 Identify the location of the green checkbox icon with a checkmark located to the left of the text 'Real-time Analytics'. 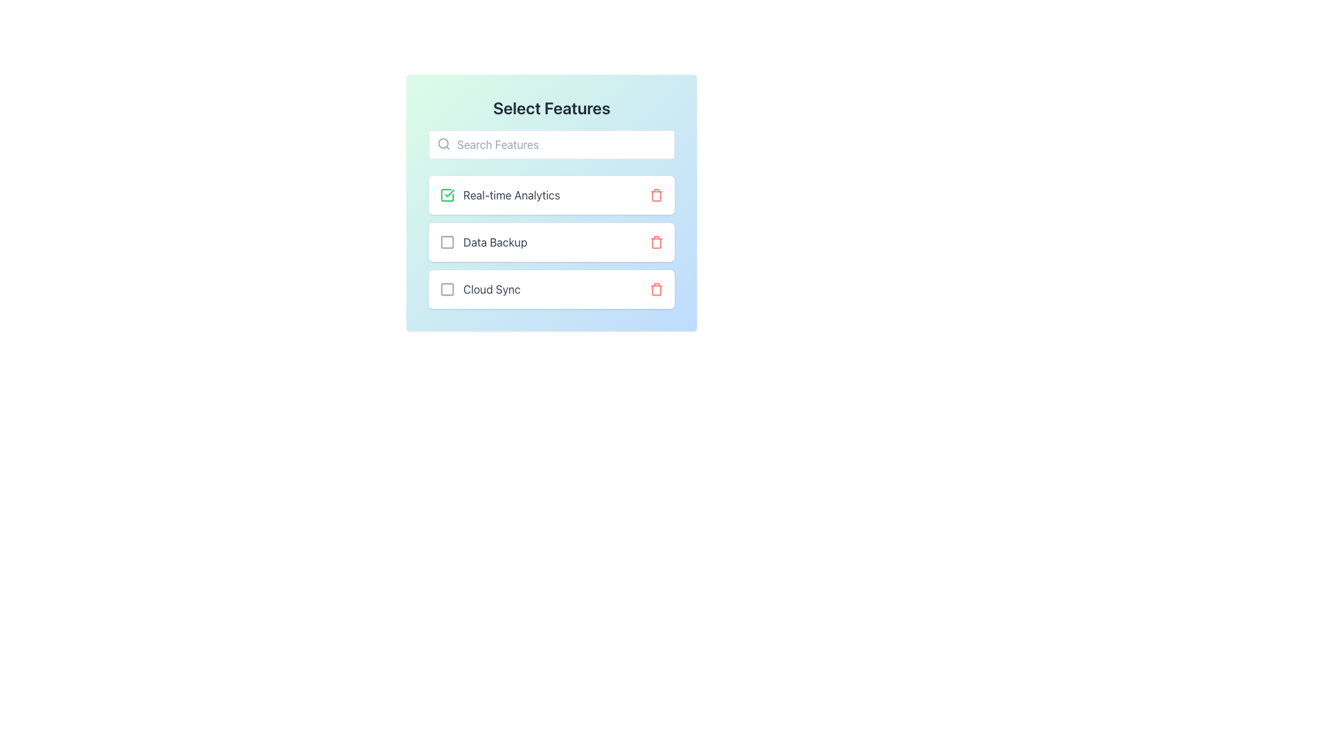
(447, 195).